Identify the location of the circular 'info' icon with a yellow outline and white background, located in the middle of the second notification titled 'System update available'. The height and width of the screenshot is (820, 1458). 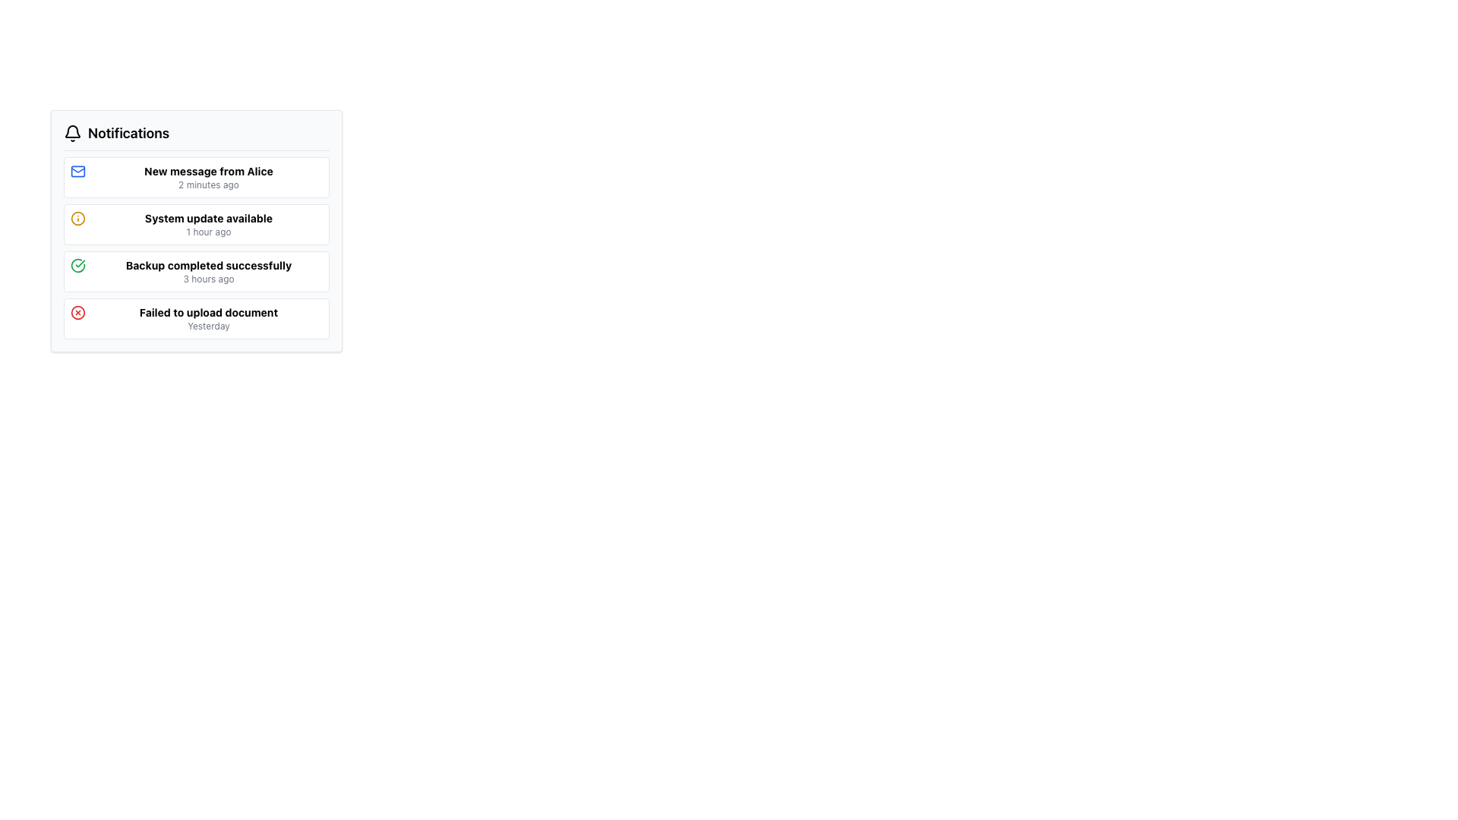
(77, 219).